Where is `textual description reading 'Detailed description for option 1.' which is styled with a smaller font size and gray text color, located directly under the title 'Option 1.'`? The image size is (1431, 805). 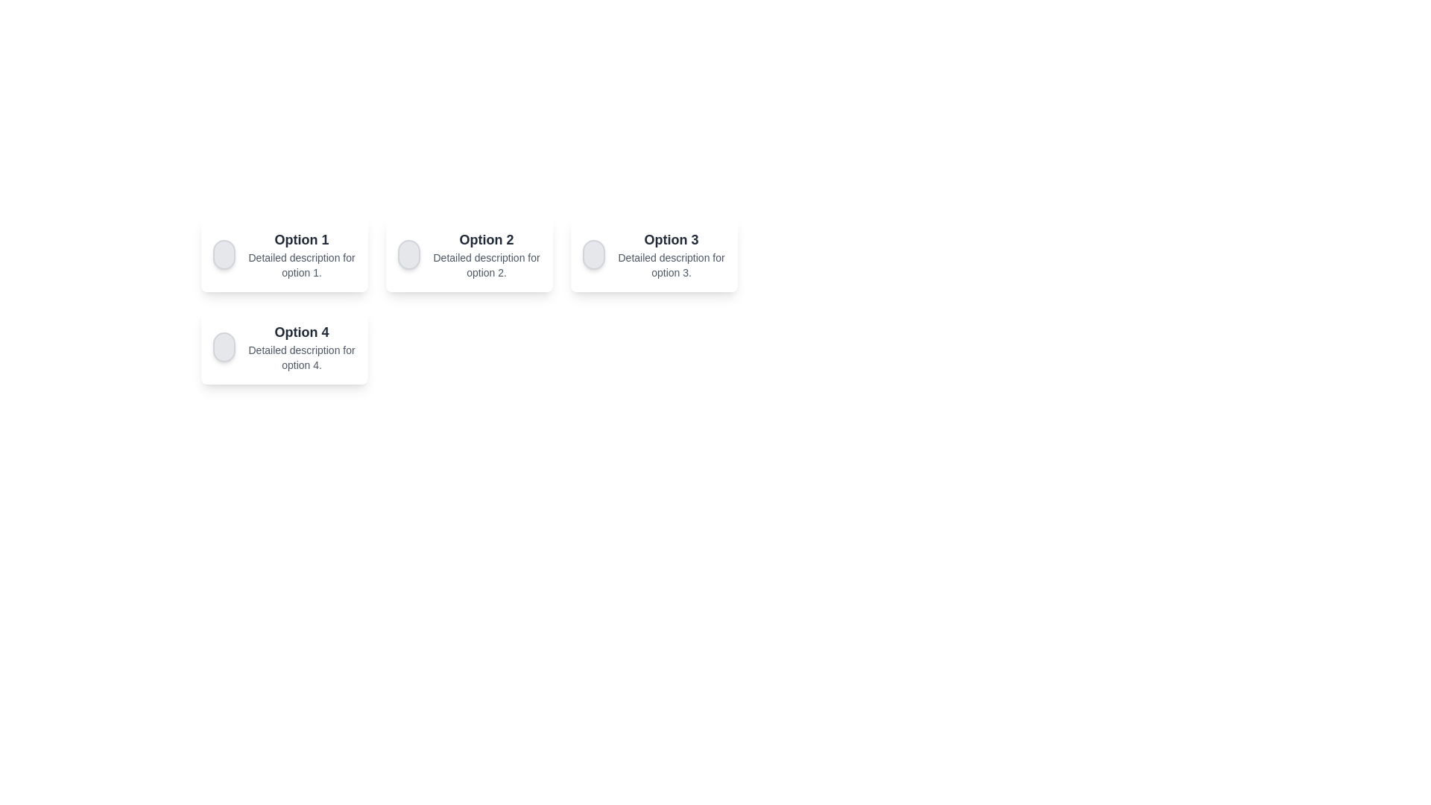
textual description reading 'Detailed description for option 1.' which is styled with a smaller font size and gray text color, located directly under the title 'Option 1.' is located at coordinates (301, 264).